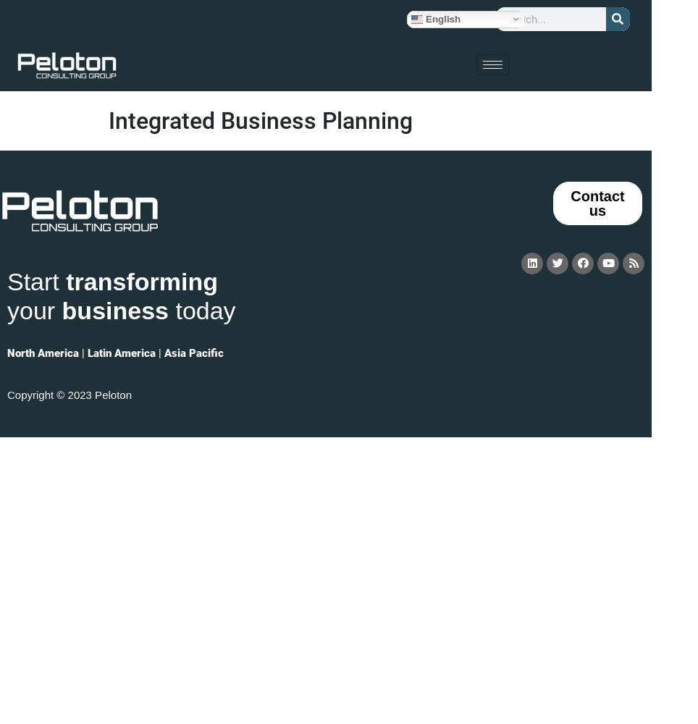 Image resolution: width=698 pixels, height=724 pixels. I want to click on 'North America', so click(43, 352).